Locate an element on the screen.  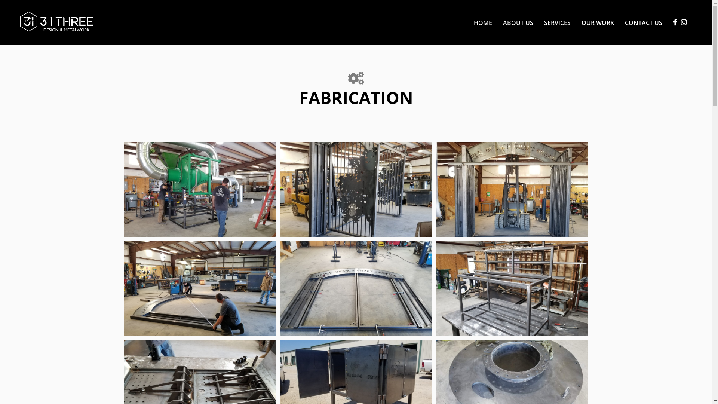
'CONTACT US' is located at coordinates (640, 22).